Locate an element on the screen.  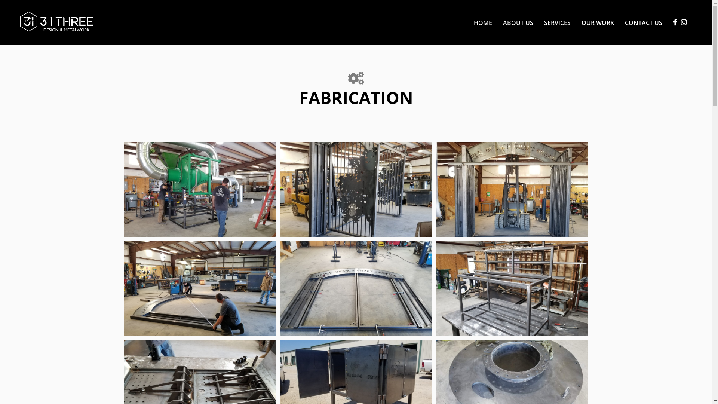
'CONTACT US' is located at coordinates (640, 22).